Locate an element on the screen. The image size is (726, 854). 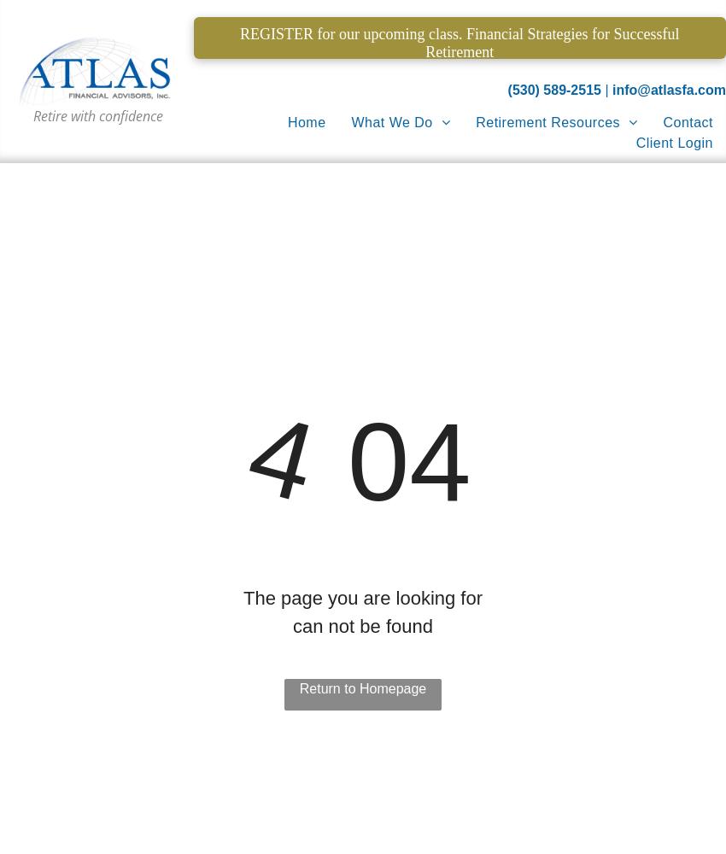
'The page you are looking for' is located at coordinates (241, 597).